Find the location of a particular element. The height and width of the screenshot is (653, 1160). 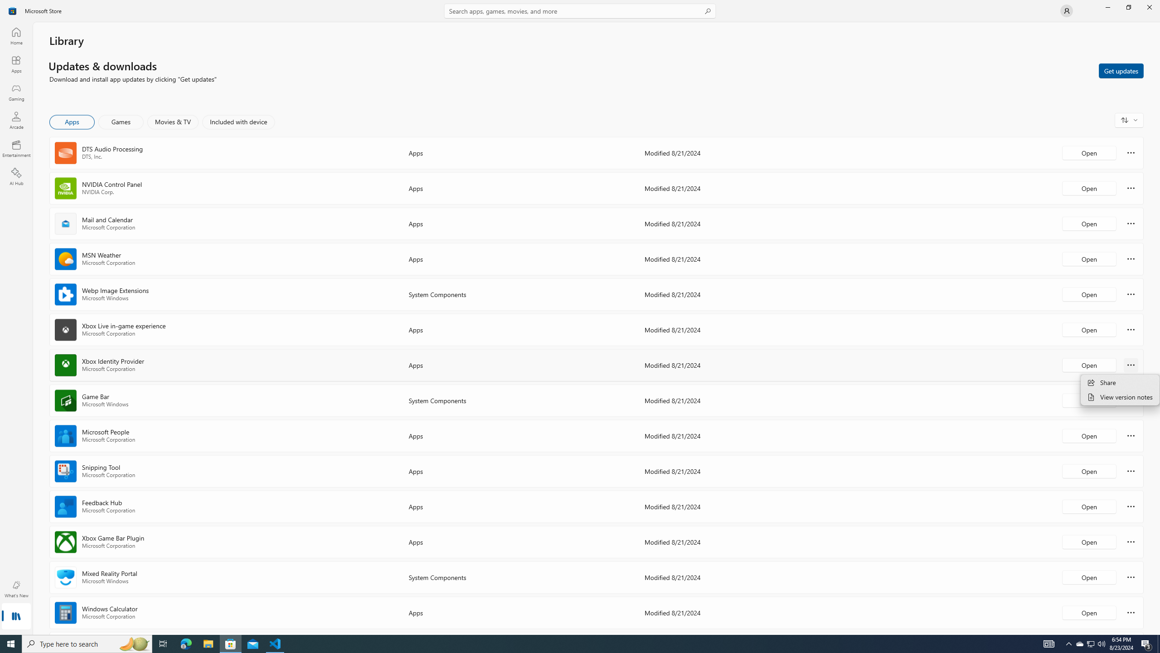

'Minimize Microsoft Store' is located at coordinates (1107, 7).